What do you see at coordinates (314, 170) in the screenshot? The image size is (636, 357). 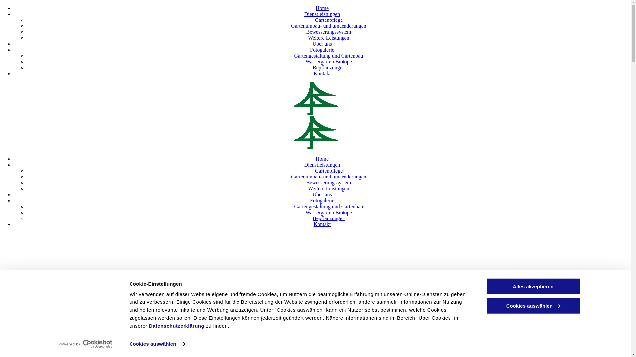 I see `'Gartenpflege'` at bounding box center [314, 170].